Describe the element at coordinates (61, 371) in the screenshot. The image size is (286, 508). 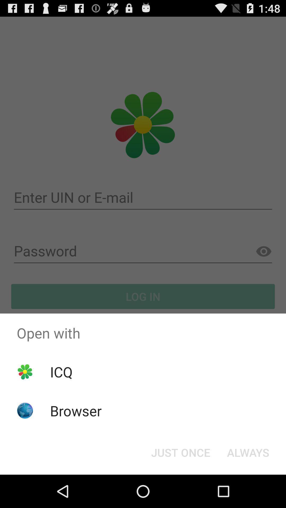
I see `icq` at that location.